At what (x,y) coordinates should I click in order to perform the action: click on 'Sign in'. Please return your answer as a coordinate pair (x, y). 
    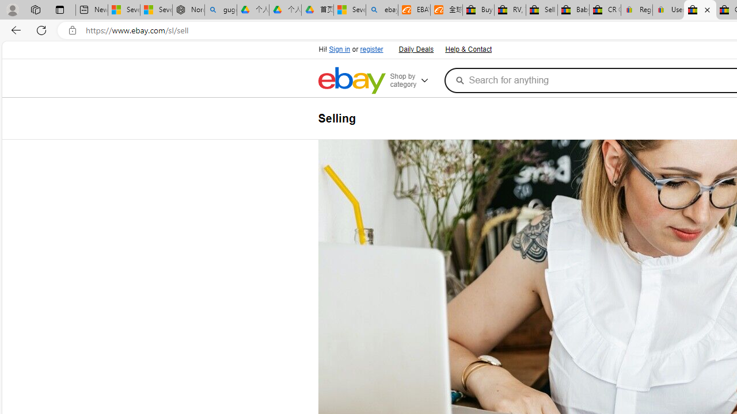
    Looking at the image, I should click on (339, 49).